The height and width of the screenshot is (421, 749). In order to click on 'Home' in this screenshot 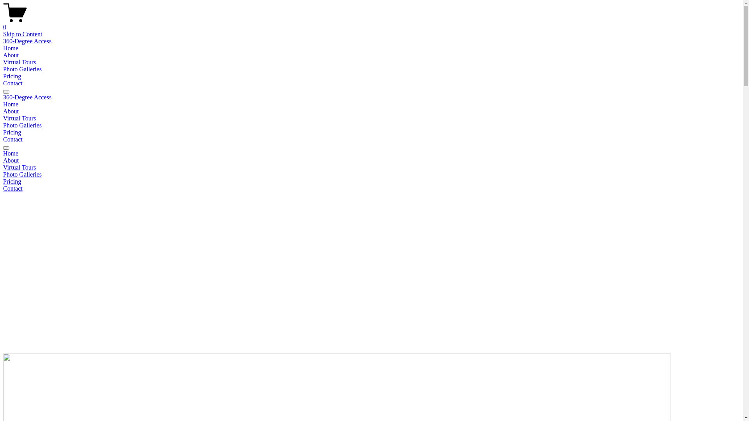, I will do `click(371, 153)`.